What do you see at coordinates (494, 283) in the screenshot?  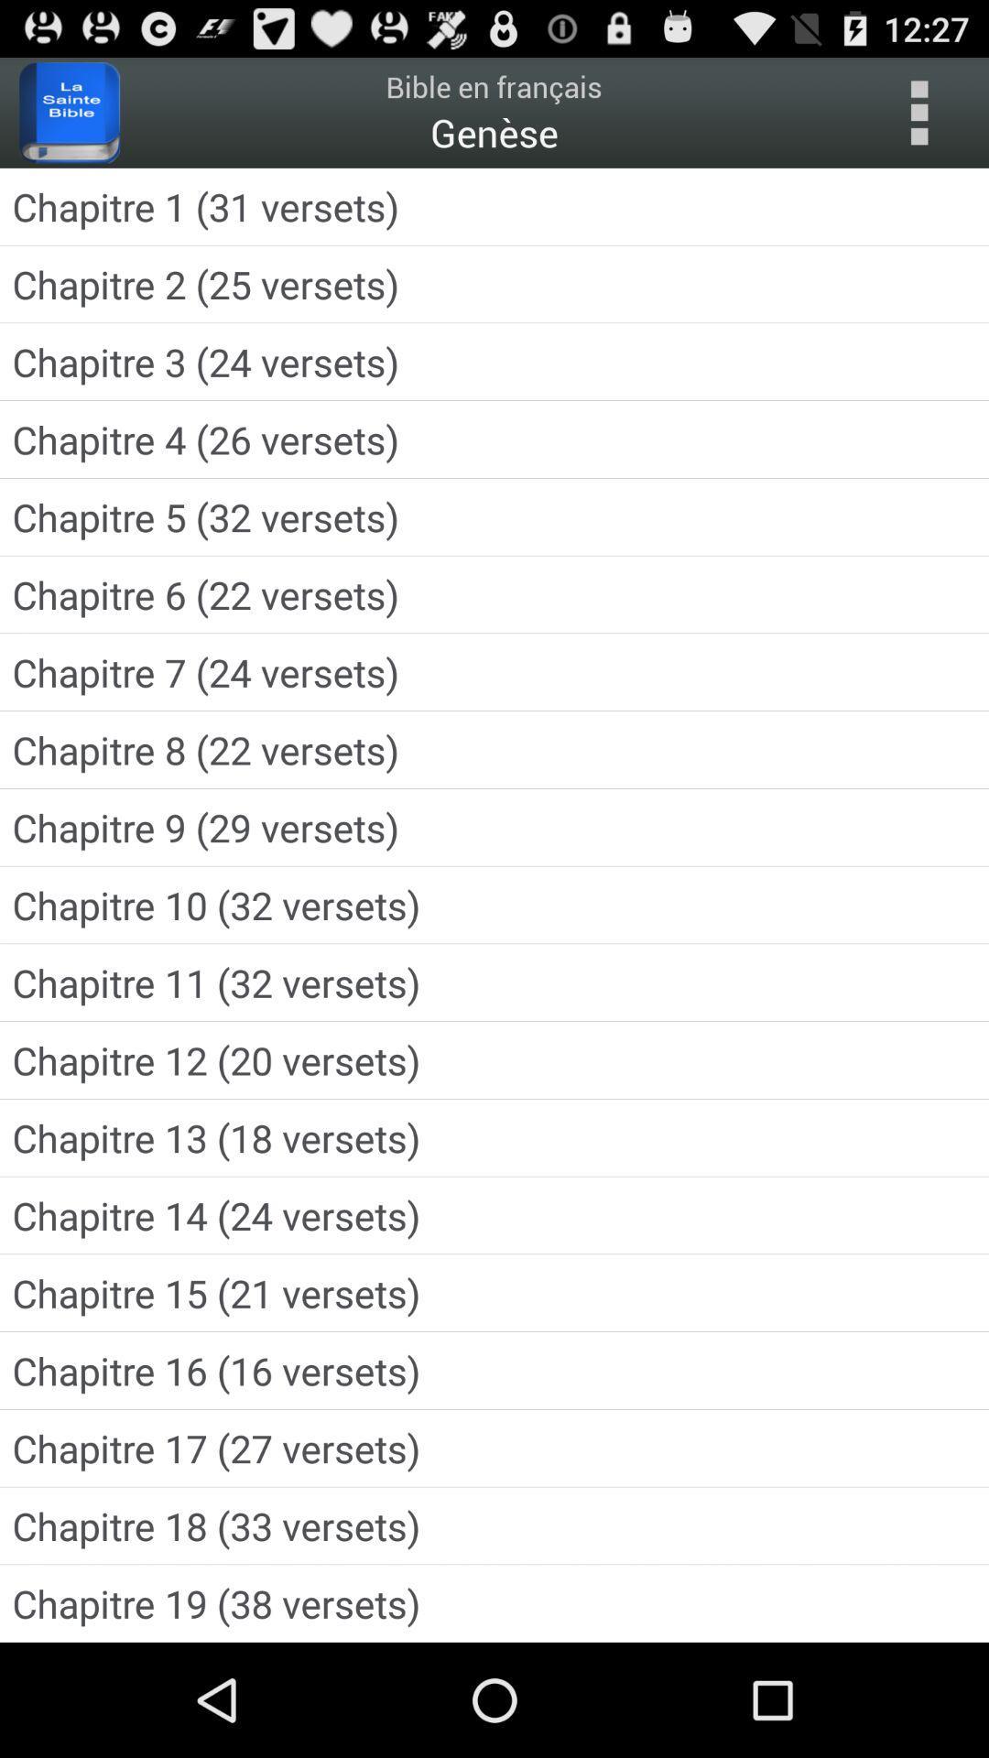 I see `the icon below chapitre 1 31 app` at bounding box center [494, 283].